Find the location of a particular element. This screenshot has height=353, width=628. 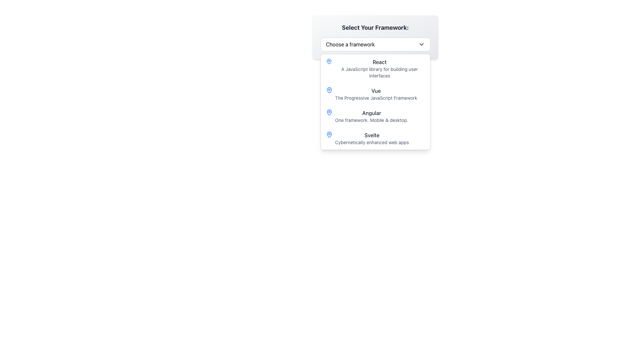

the third selectable list item labeled 'Angular' in the dropdown menu labeled 'Select Your Framework' is located at coordinates (372, 116).